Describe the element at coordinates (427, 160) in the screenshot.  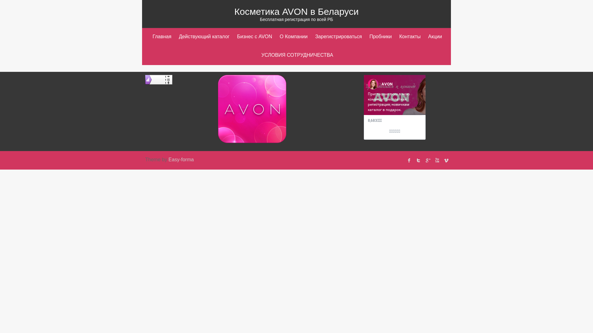
I see `'Google Plus'` at that location.